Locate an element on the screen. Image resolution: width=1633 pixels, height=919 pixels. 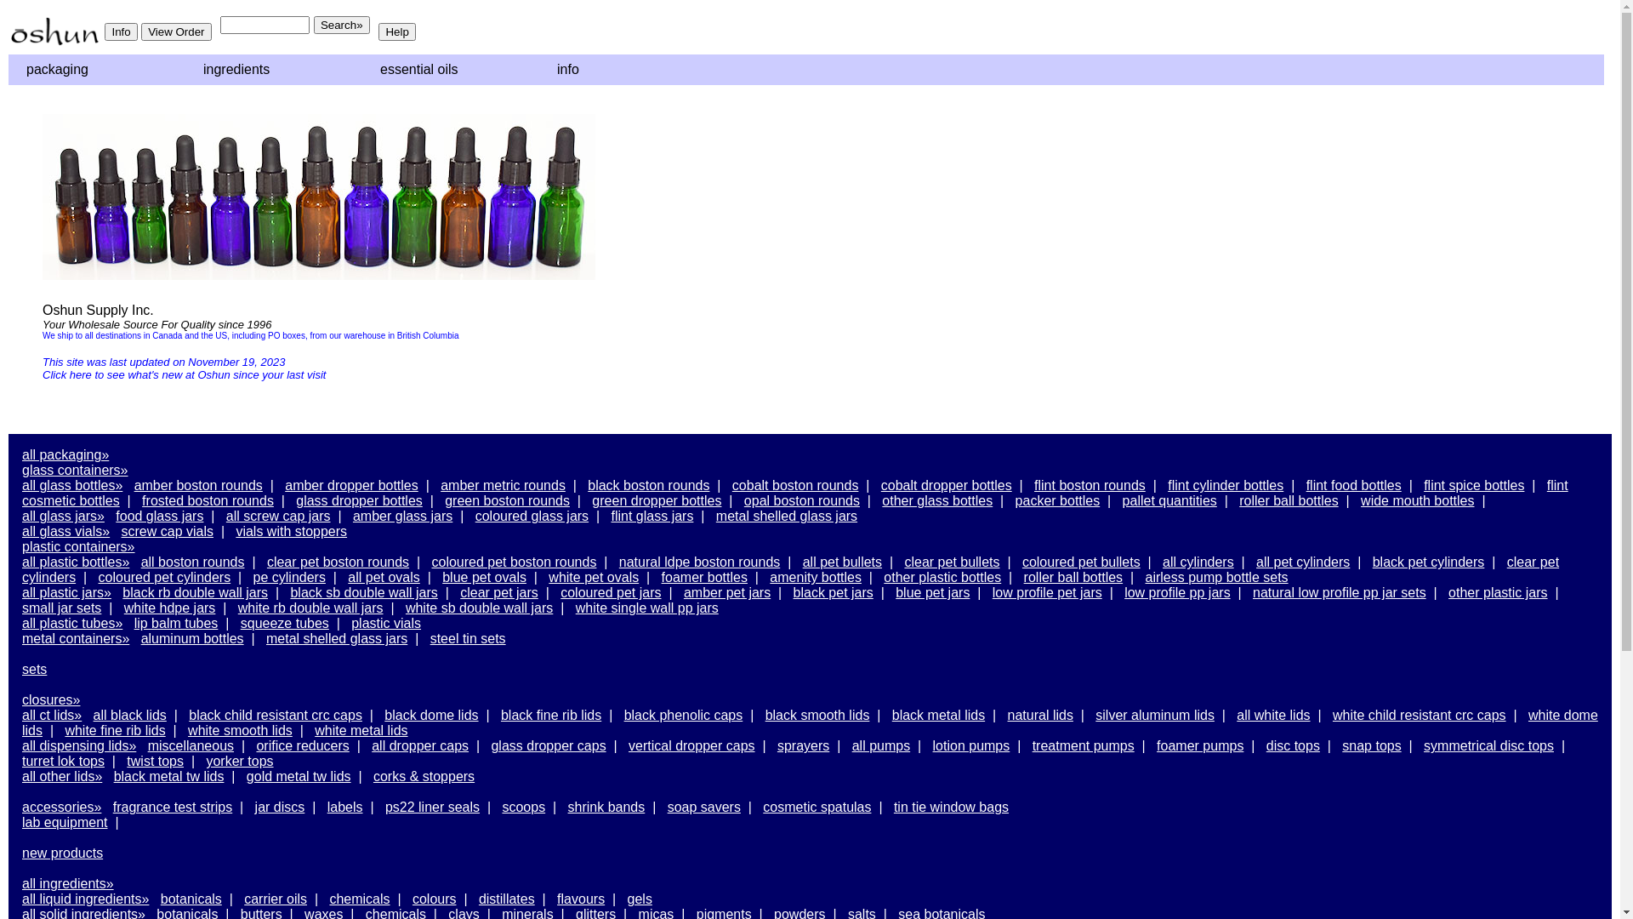
'steel tin sets' is located at coordinates (468, 638).